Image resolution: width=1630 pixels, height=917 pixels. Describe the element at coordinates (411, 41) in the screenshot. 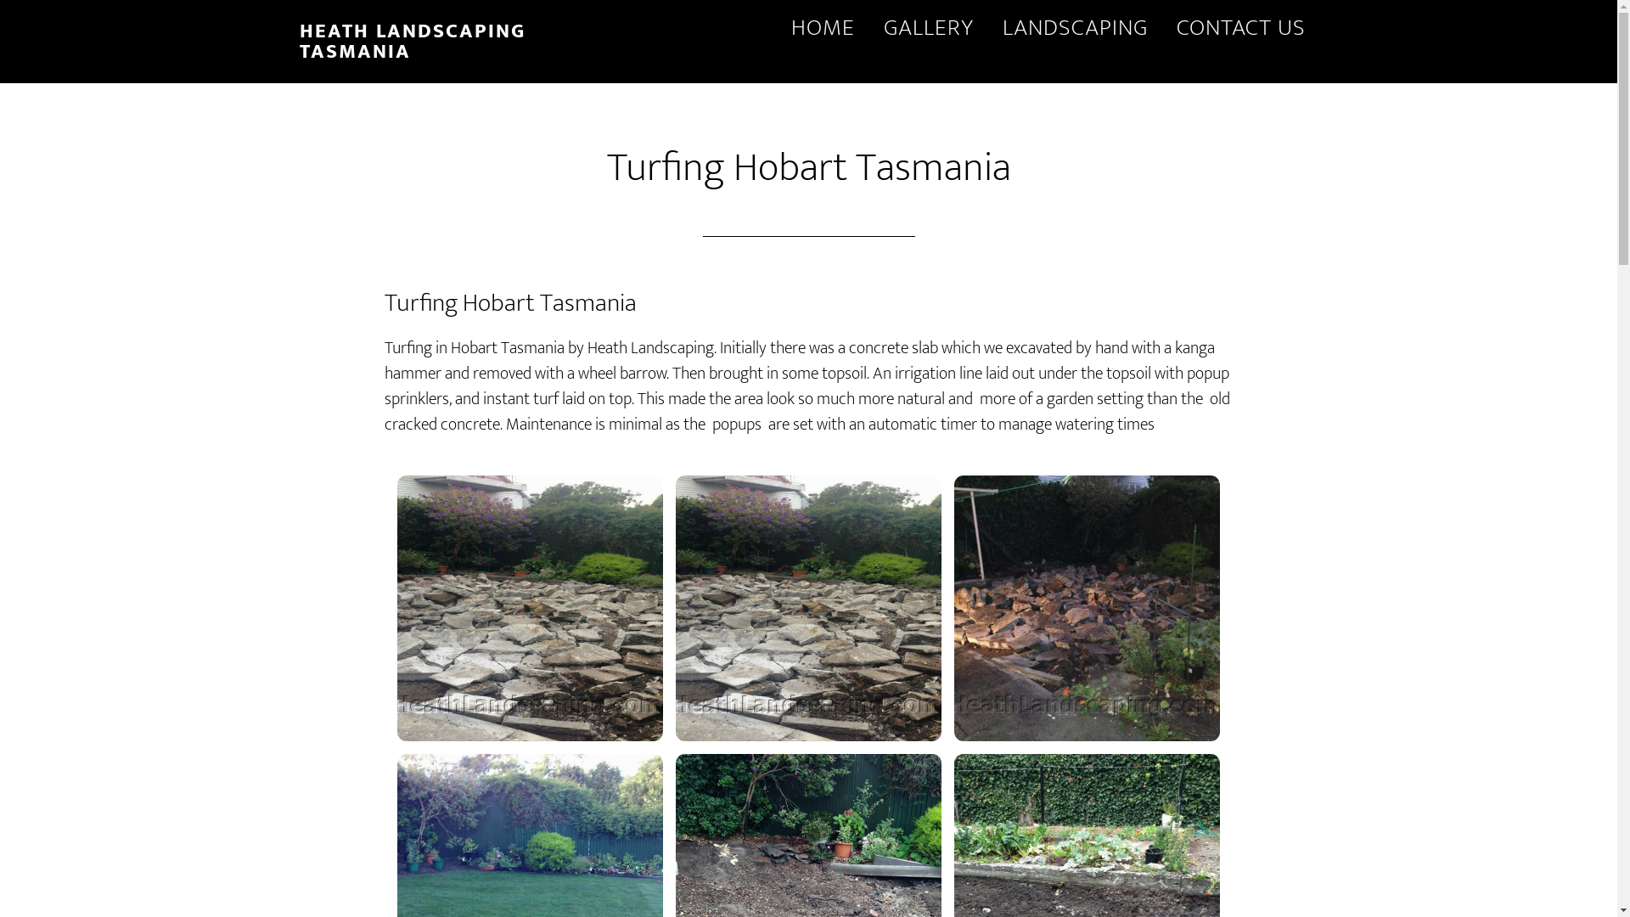

I see `'HEATH LANDSCAPING TASMANIA'` at that location.